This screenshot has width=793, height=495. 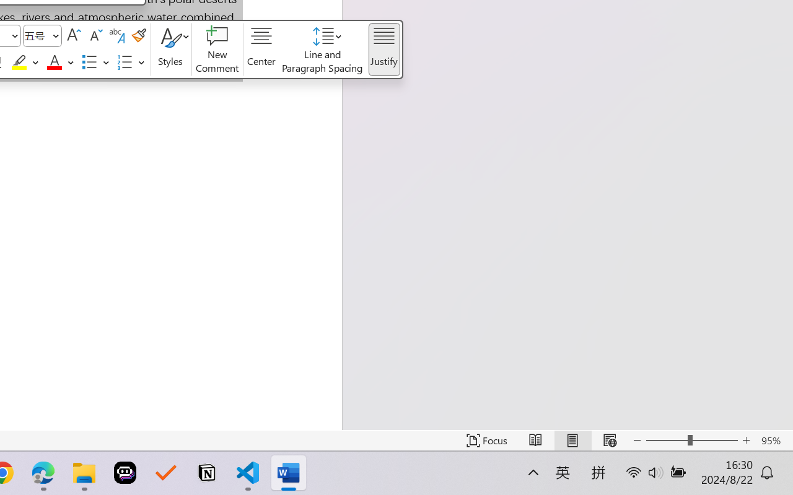 What do you see at coordinates (55, 35) in the screenshot?
I see `'Open'` at bounding box center [55, 35].